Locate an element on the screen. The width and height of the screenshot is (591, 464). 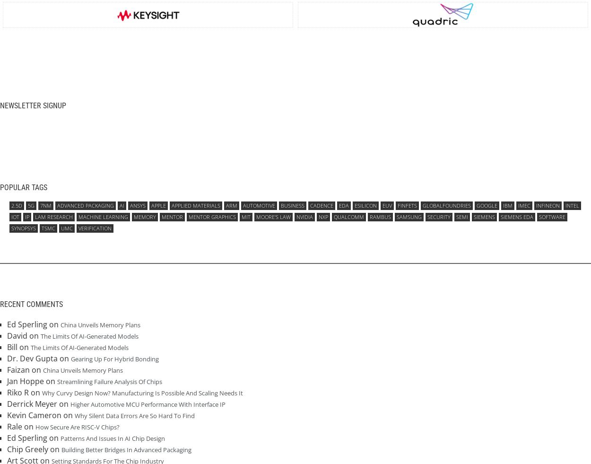
'machine learning' is located at coordinates (103, 216).